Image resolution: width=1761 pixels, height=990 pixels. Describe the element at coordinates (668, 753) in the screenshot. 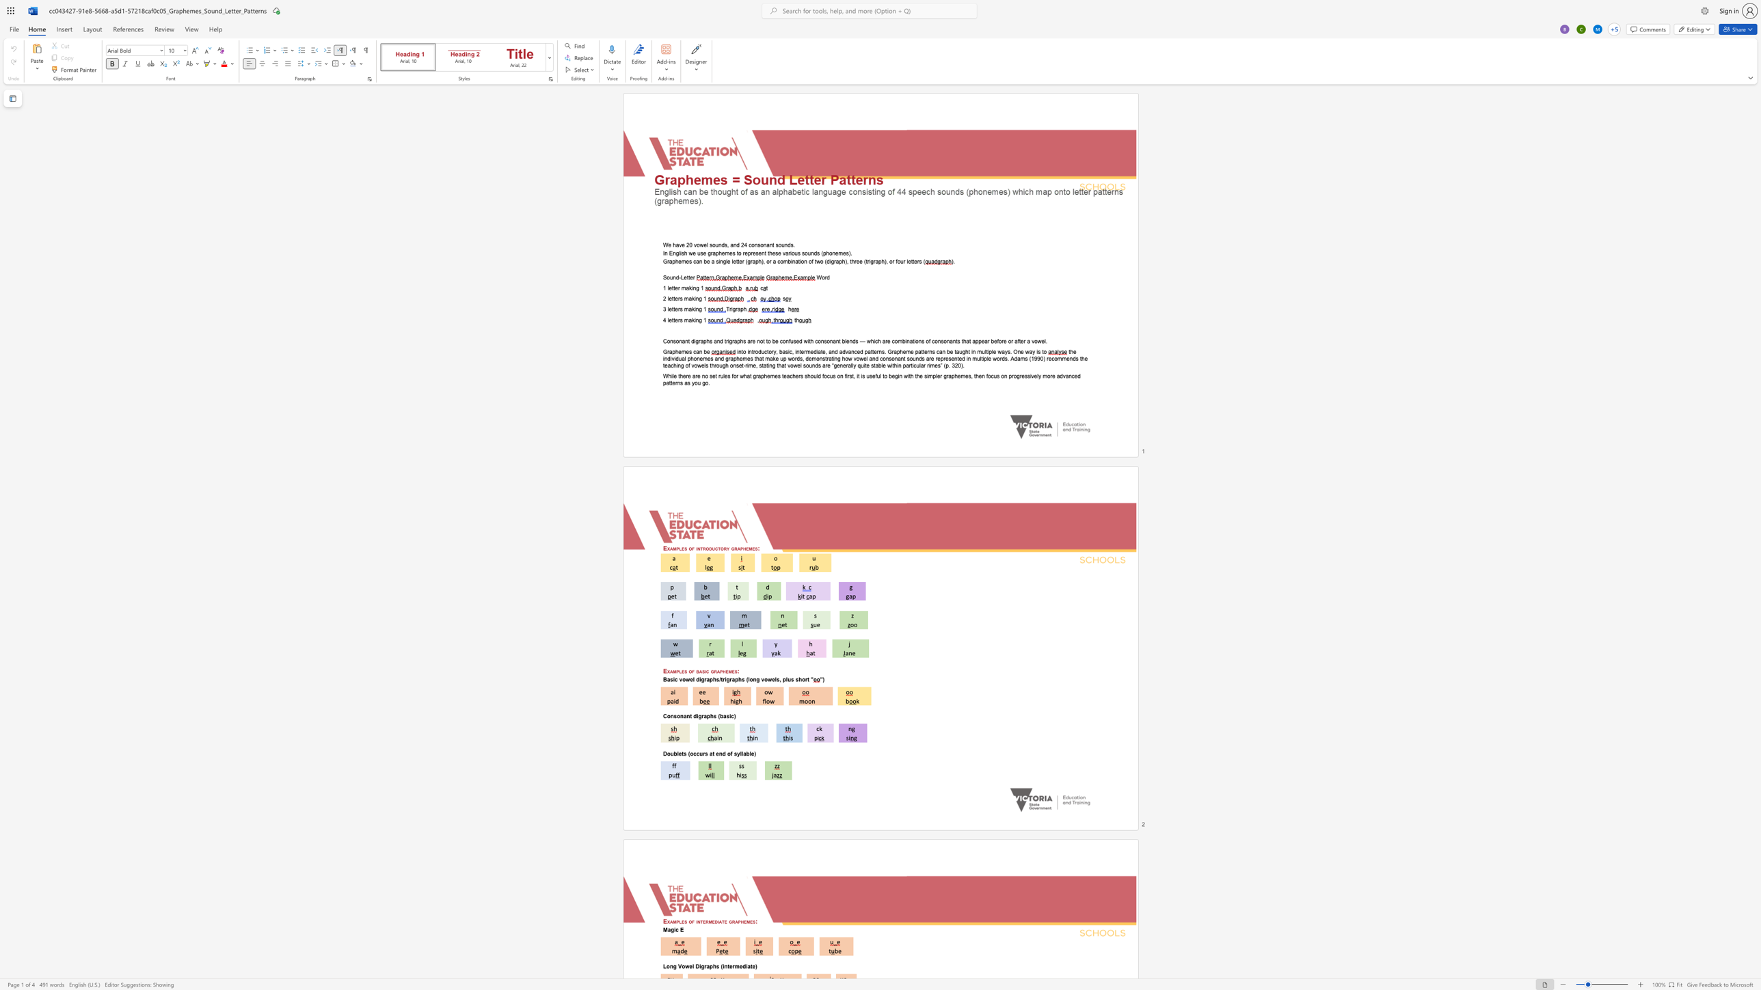

I see `the 1th character "o" in the text` at that location.